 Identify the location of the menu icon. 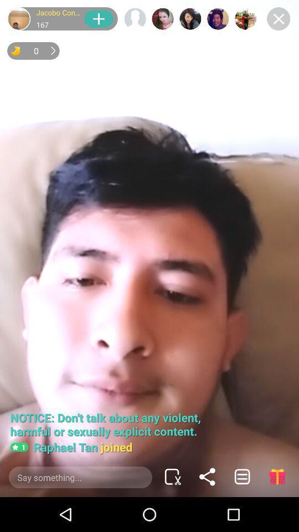
(241, 476).